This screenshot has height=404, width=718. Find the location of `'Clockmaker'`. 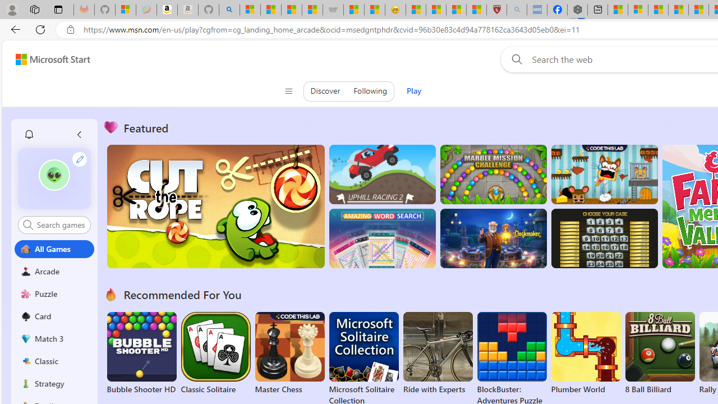

'Clockmaker' is located at coordinates (493, 238).